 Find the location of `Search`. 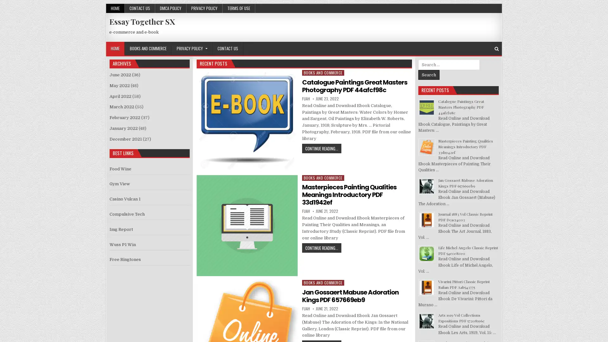

Search is located at coordinates (429, 74).